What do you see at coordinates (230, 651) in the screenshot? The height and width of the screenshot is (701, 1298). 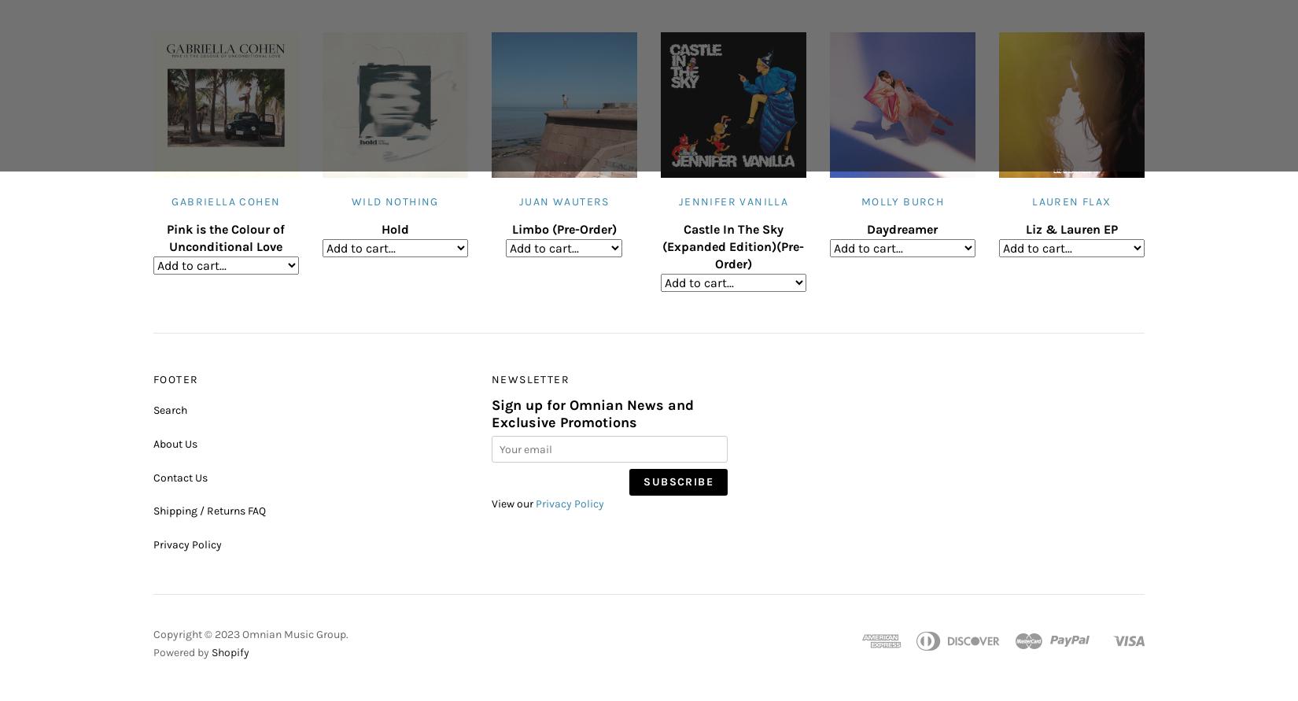 I see `'Shopify'` at bounding box center [230, 651].